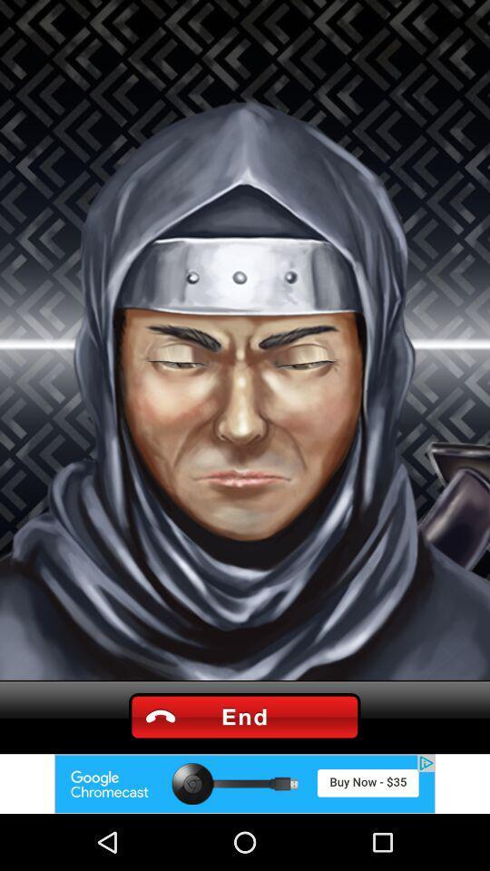 Image resolution: width=490 pixels, height=871 pixels. I want to click on end buttn, so click(244, 717).